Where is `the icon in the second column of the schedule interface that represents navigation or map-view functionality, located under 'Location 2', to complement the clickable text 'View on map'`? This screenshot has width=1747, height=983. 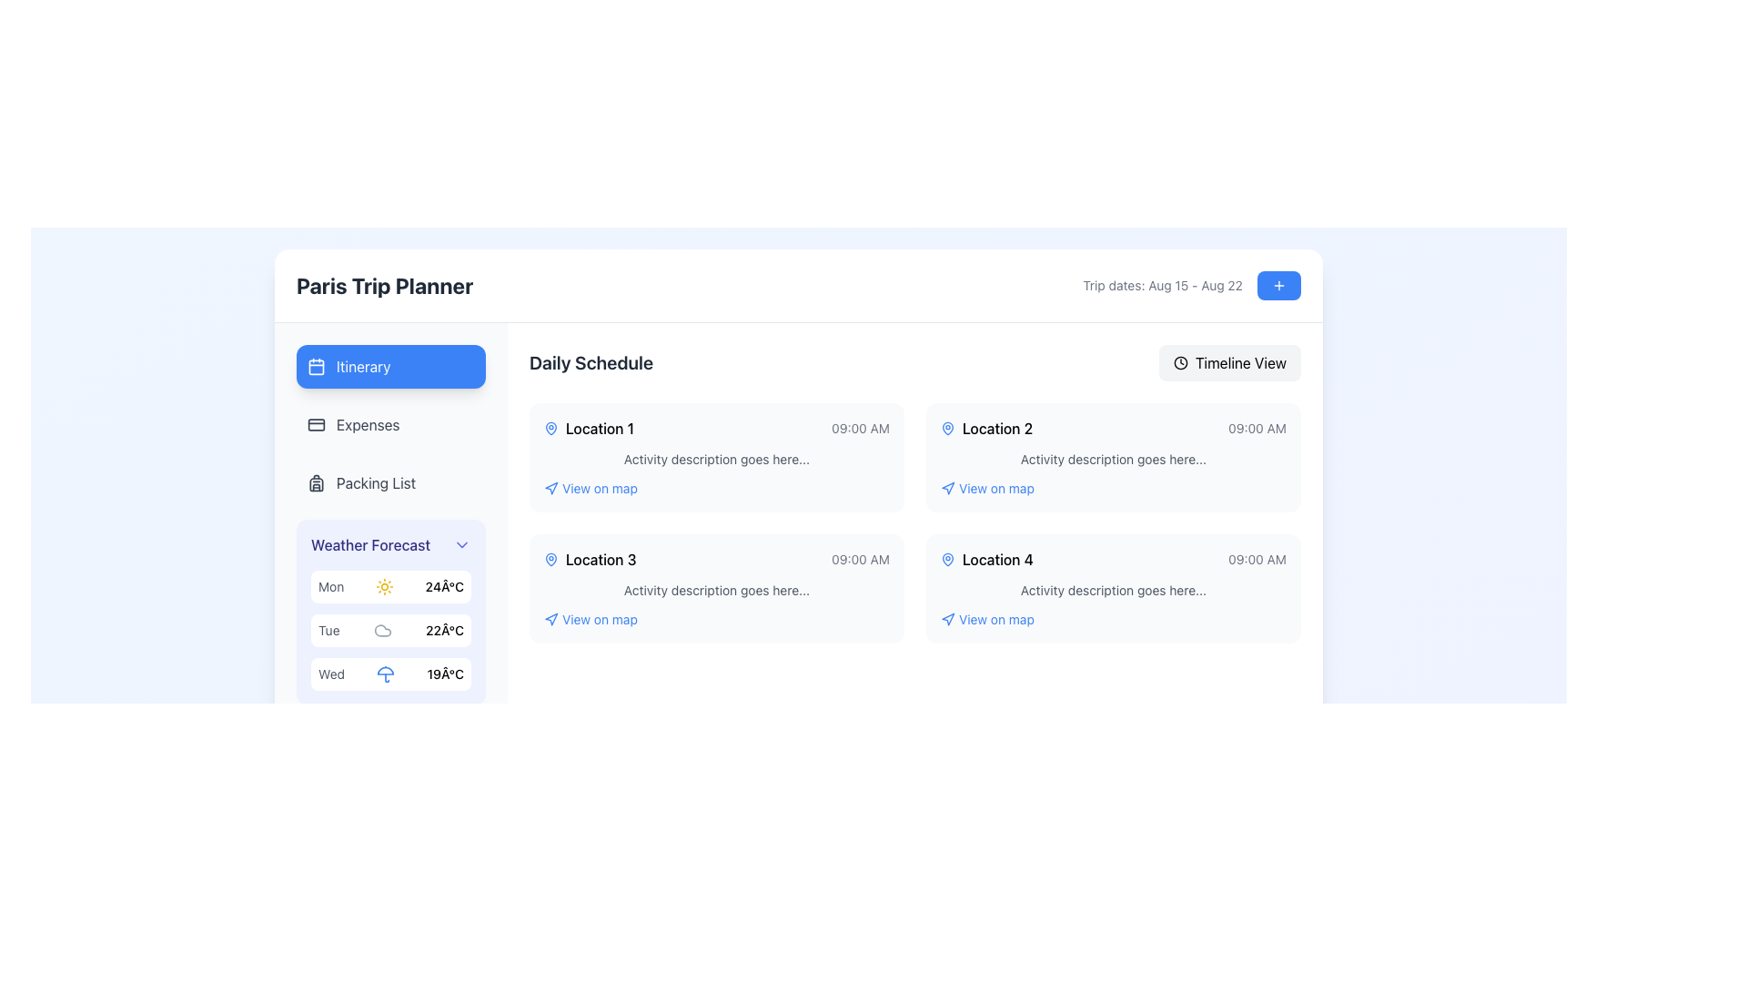 the icon in the second column of the schedule interface that represents navigation or map-view functionality, located under 'Location 2', to complement the clickable text 'View on map' is located at coordinates (946, 487).